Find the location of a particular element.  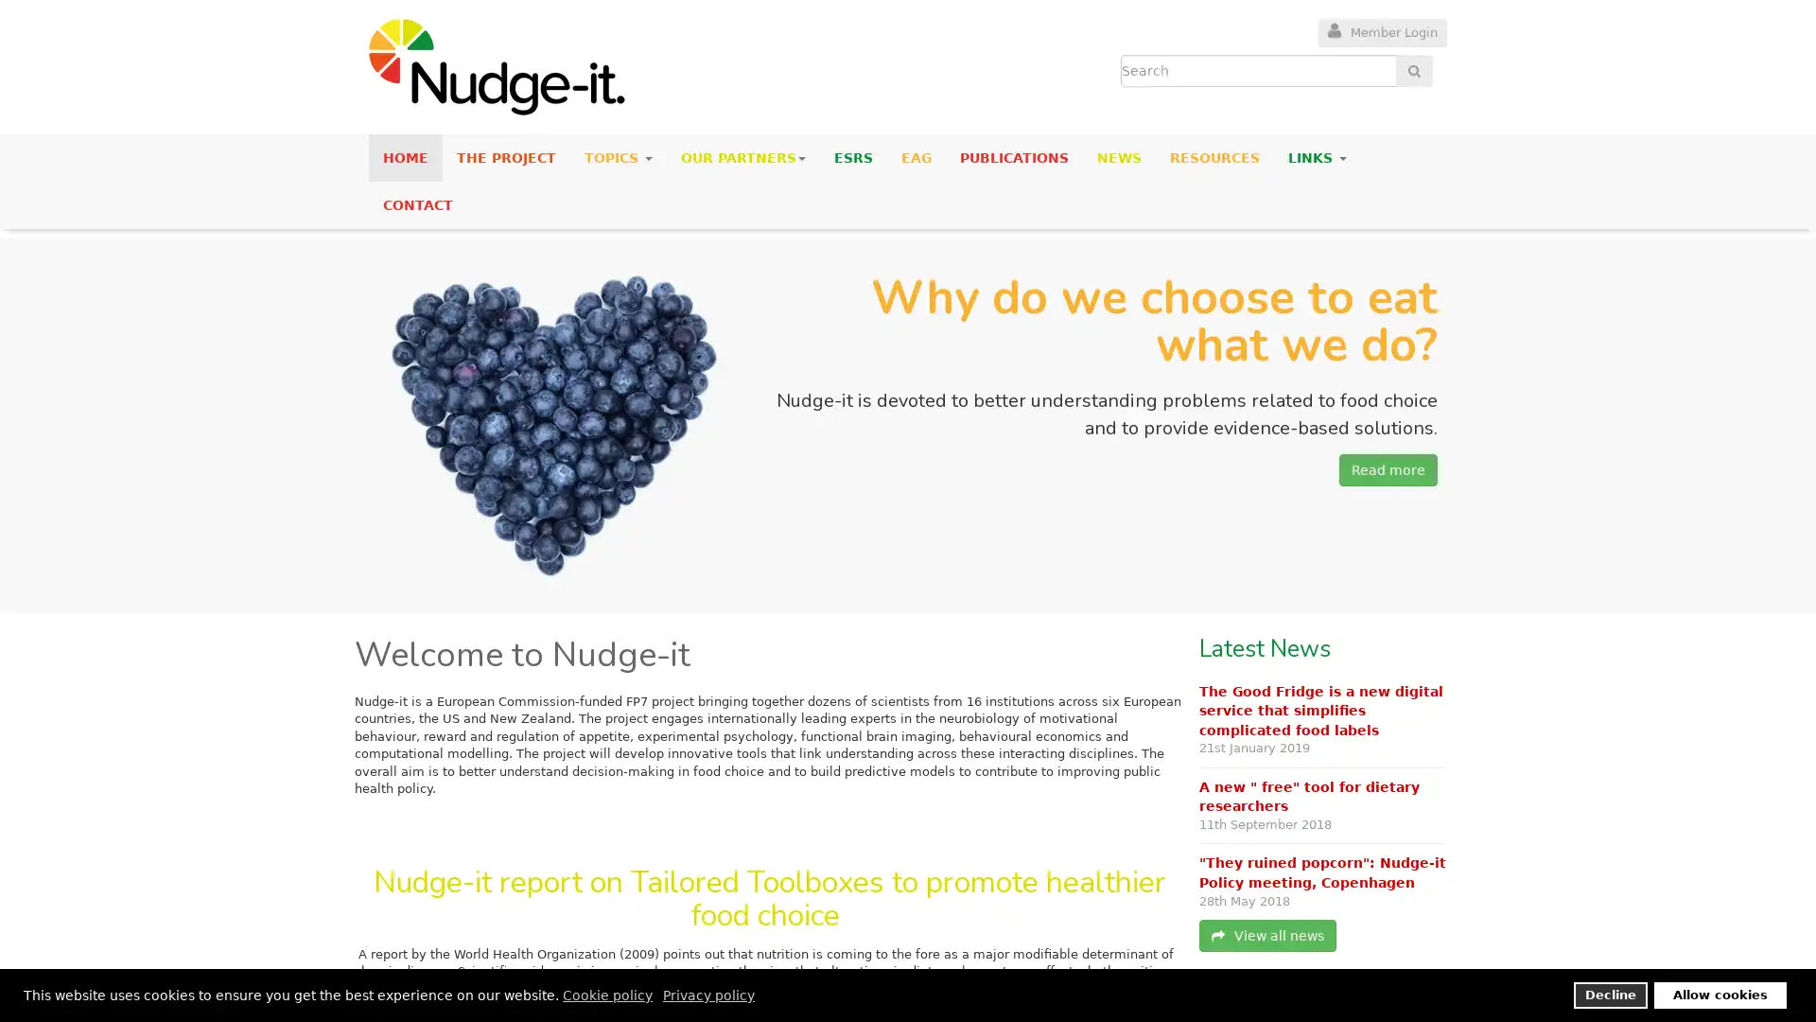

deny cookies is located at coordinates (1610, 994).